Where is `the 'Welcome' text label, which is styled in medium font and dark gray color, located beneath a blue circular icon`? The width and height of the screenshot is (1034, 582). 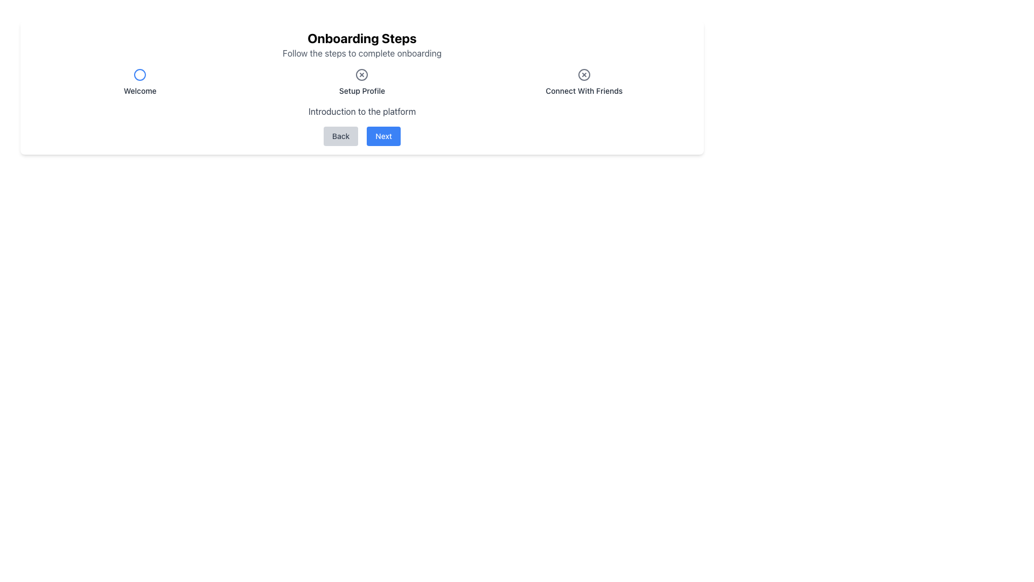 the 'Welcome' text label, which is styled in medium font and dark gray color, located beneath a blue circular icon is located at coordinates (139, 82).